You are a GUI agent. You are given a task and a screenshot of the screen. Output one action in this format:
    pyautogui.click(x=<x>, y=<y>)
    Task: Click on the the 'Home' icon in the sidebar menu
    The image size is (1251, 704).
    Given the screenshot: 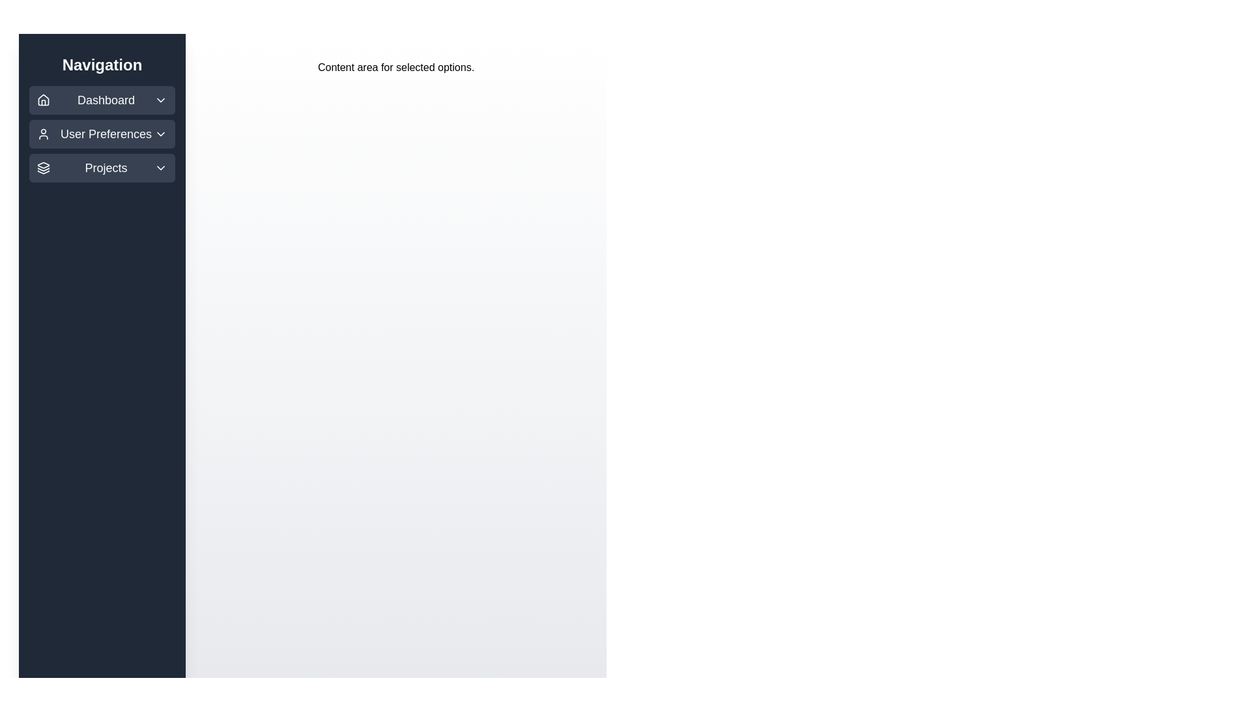 What is the action you would take?
    pyautogui.click(x=44, y=99)
    